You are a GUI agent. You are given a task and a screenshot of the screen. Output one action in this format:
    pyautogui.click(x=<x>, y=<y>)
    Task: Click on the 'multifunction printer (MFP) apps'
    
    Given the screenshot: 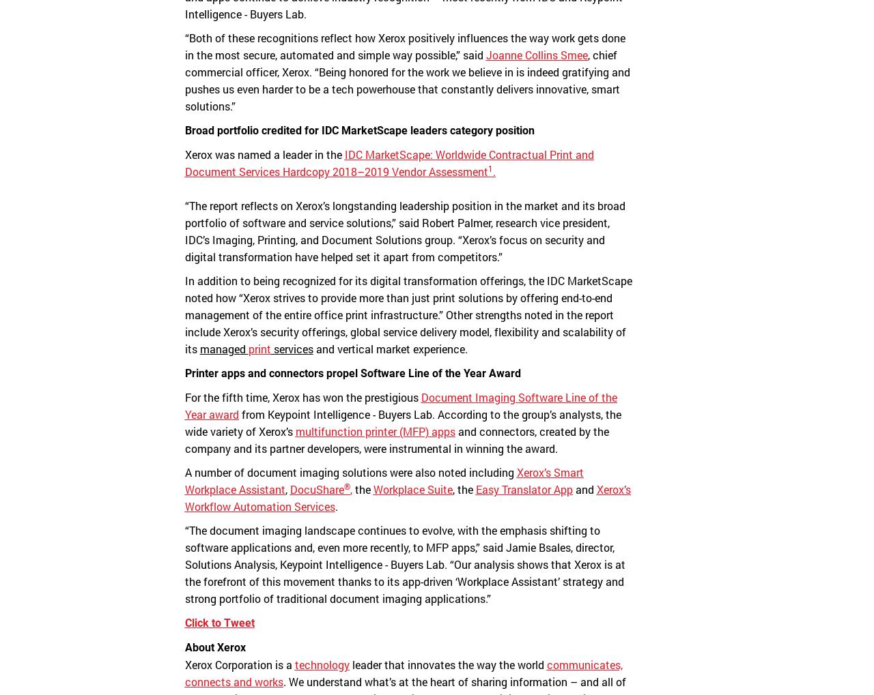 What is the action you would take?
    pyautogui.click(x=294, y=431)
    